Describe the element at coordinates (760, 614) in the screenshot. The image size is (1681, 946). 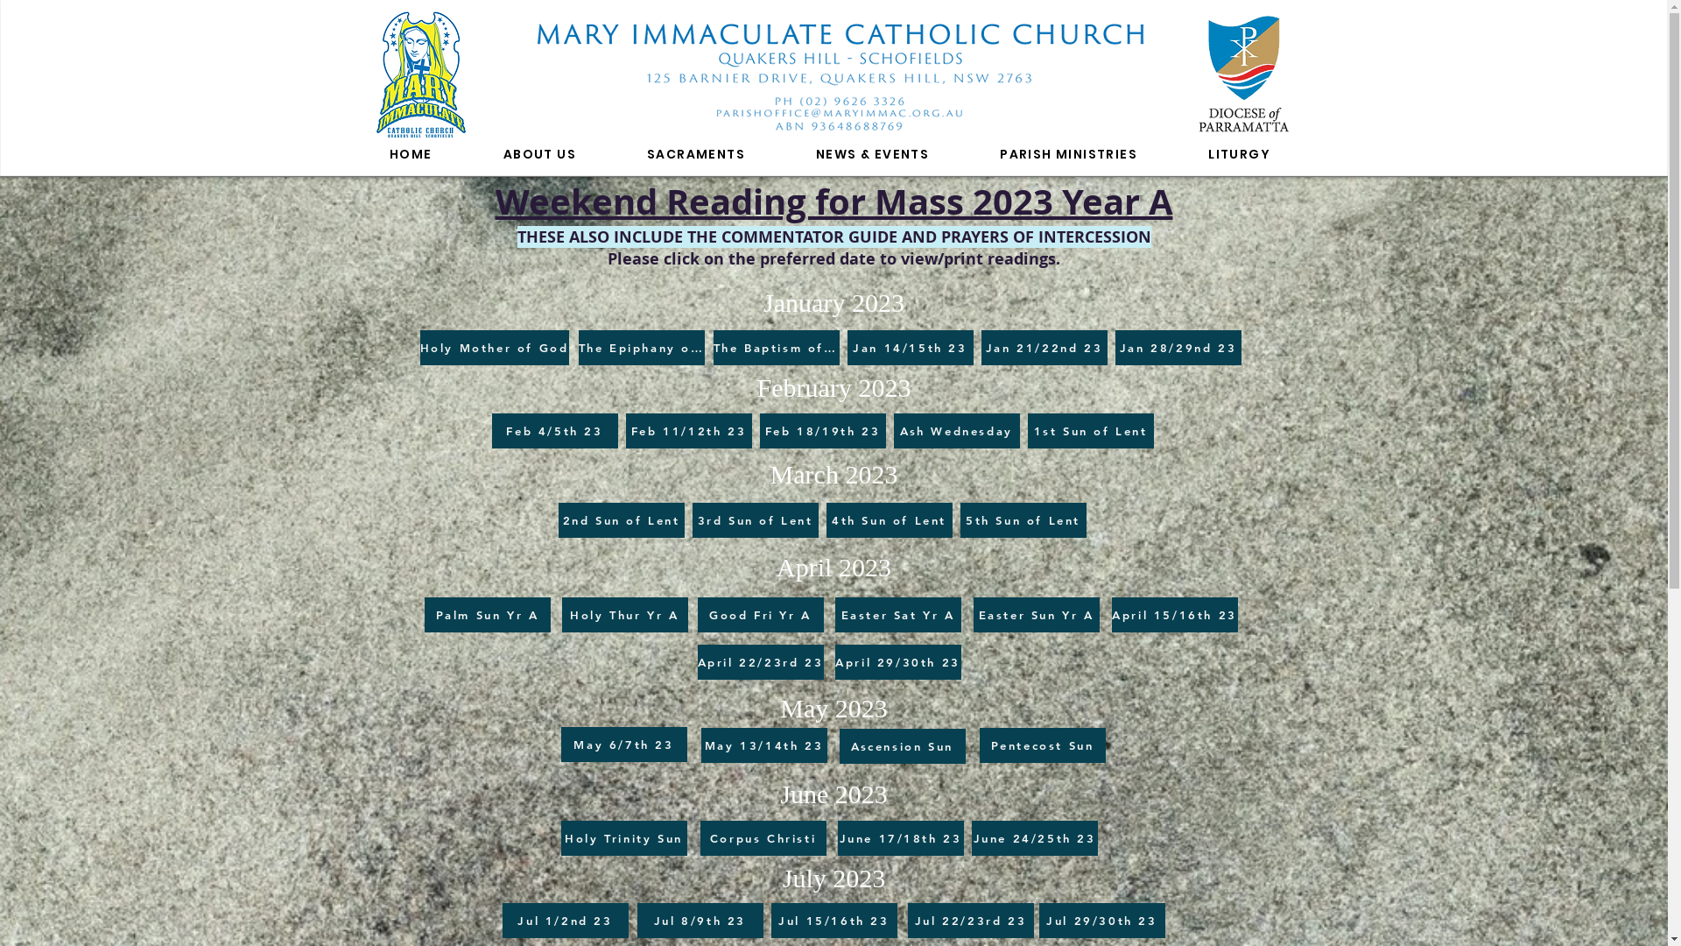
I see `'Good Fri Yr A'` at that location.